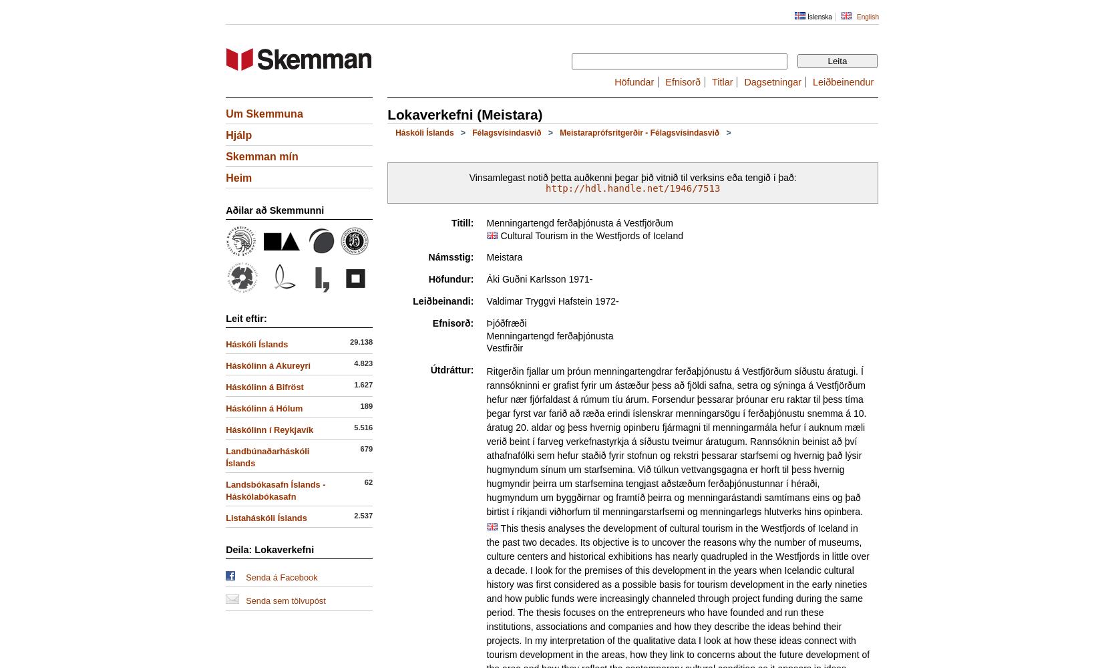 The image size is (1102, 668). What do you see at coordinates (443, 301) in the screenshot?
I see `'Leiðbeinandi:'` at bounding box center [443, 301].